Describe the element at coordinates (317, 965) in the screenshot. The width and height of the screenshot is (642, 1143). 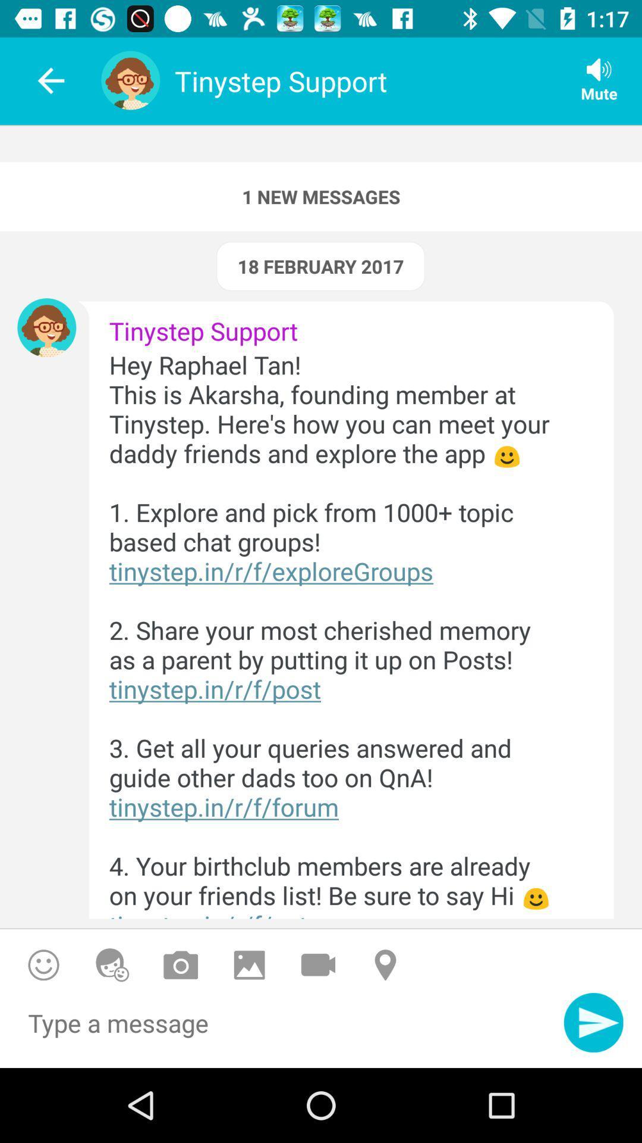
I see `the videocam icon` at that location.